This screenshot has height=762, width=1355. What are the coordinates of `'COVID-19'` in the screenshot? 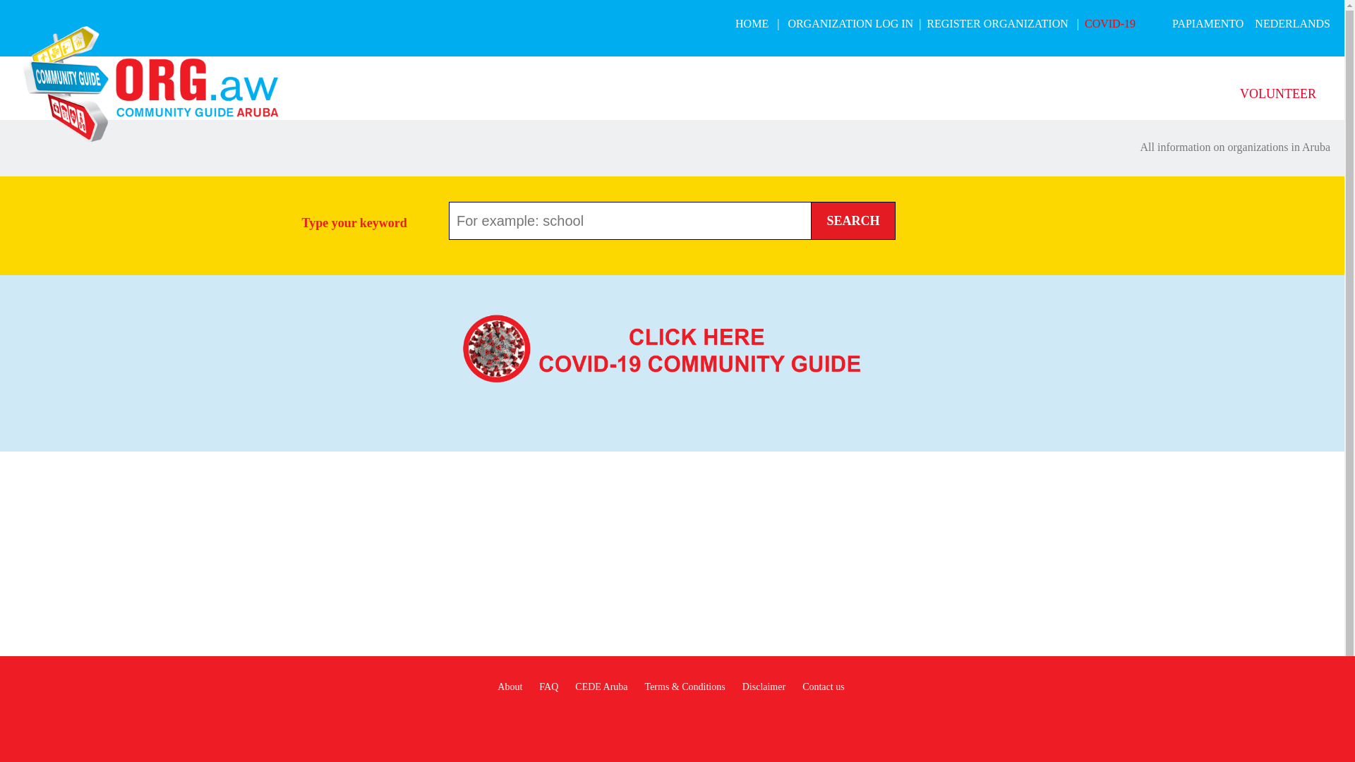 It's located at (1083, 23).